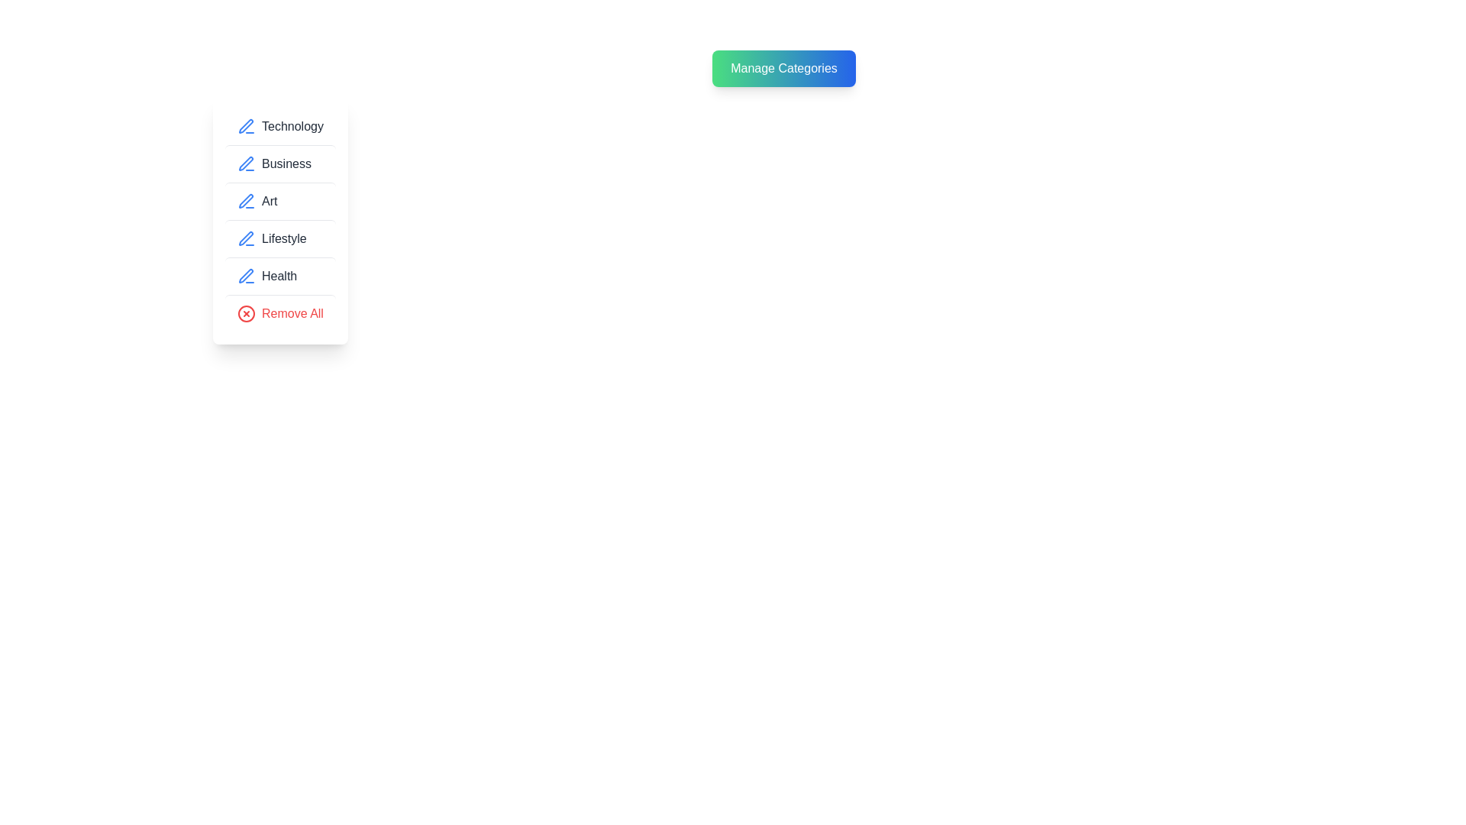 This screenshot has width=1466, height=825. I want to click on the 'Manage Categories' button to toggle the category menu, so click(784, 67).